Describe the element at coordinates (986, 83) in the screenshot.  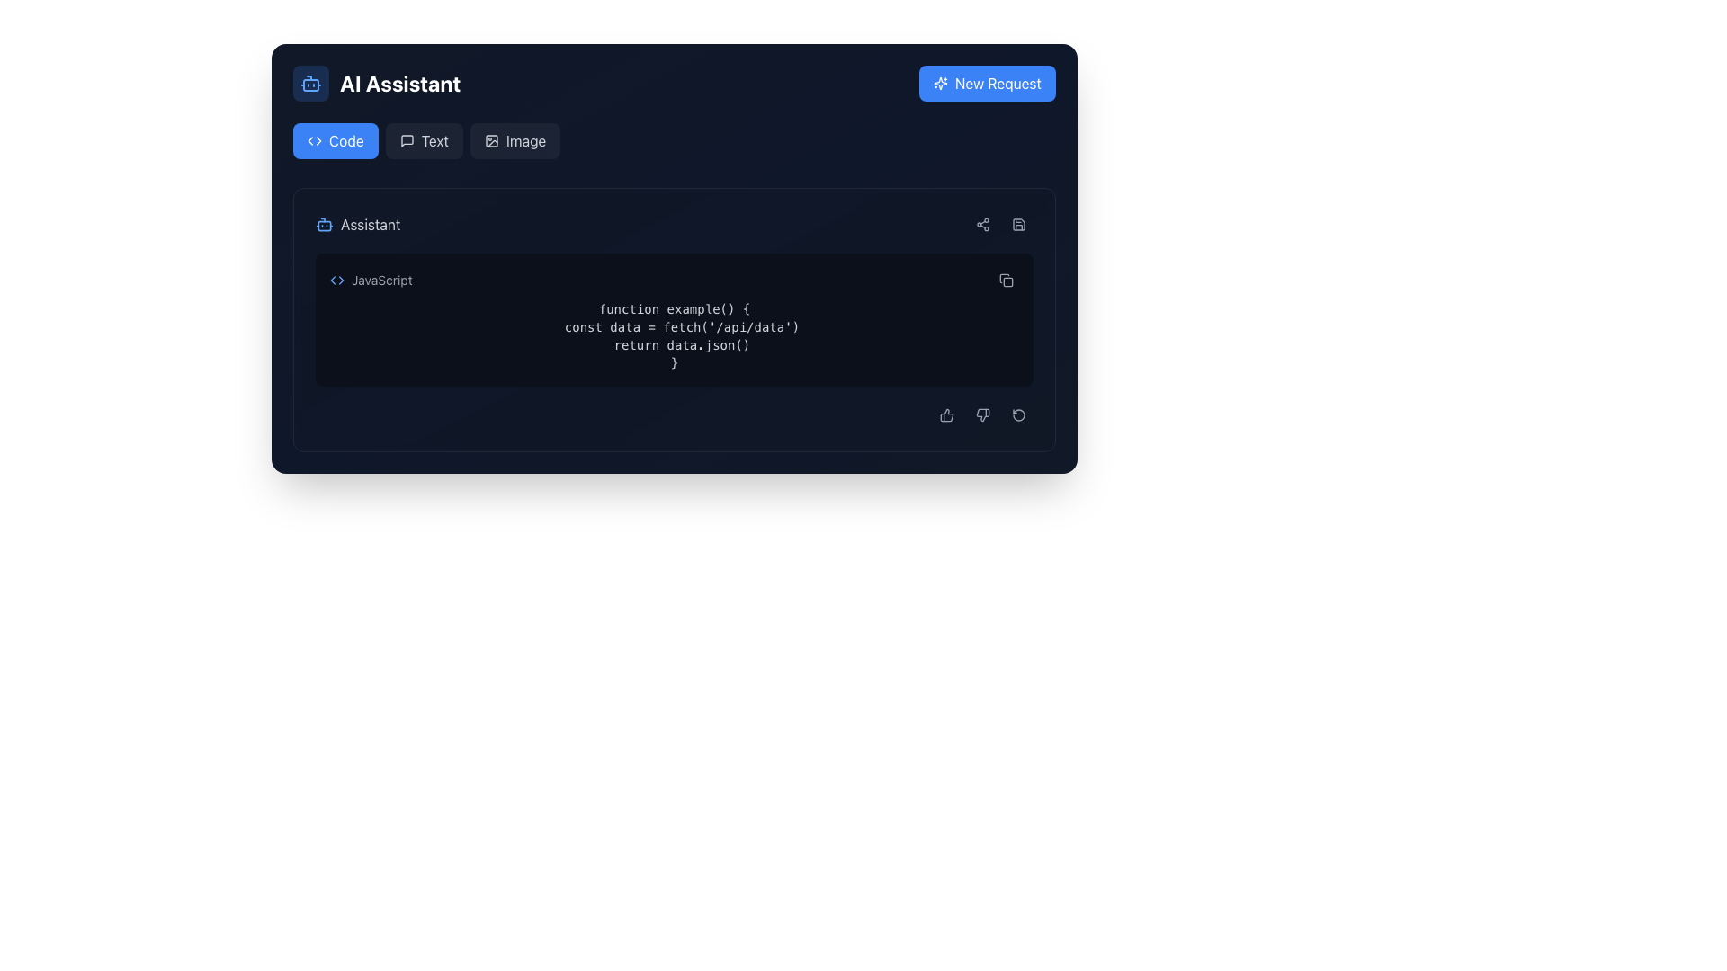
I see `the 'New Request' button with a bright blue background and text in bold white font` at that location.